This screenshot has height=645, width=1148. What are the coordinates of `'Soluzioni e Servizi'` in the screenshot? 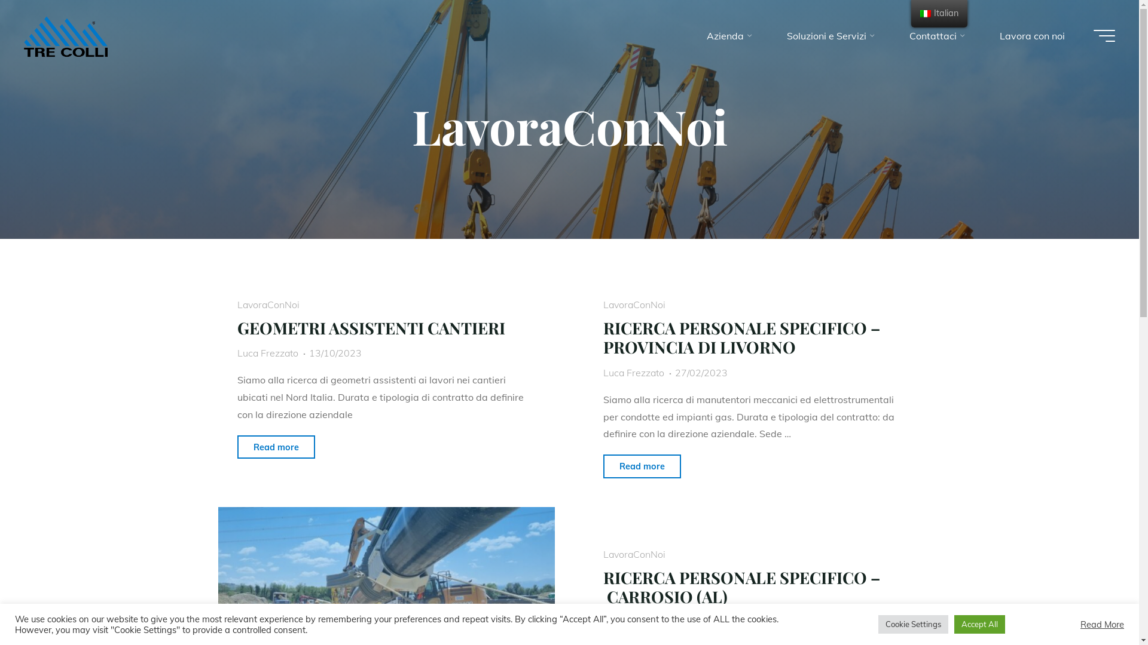 It's located at (828, 35).